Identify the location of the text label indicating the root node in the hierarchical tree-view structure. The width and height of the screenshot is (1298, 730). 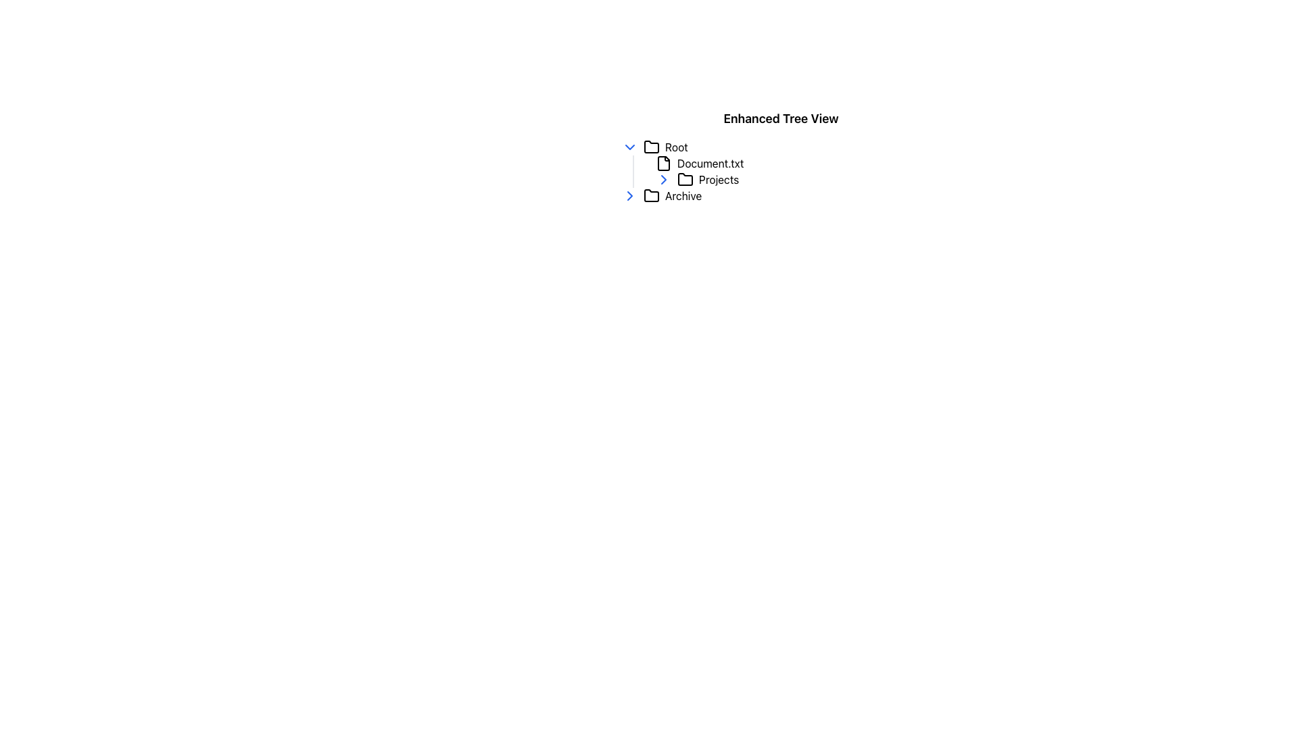
(676, 147).